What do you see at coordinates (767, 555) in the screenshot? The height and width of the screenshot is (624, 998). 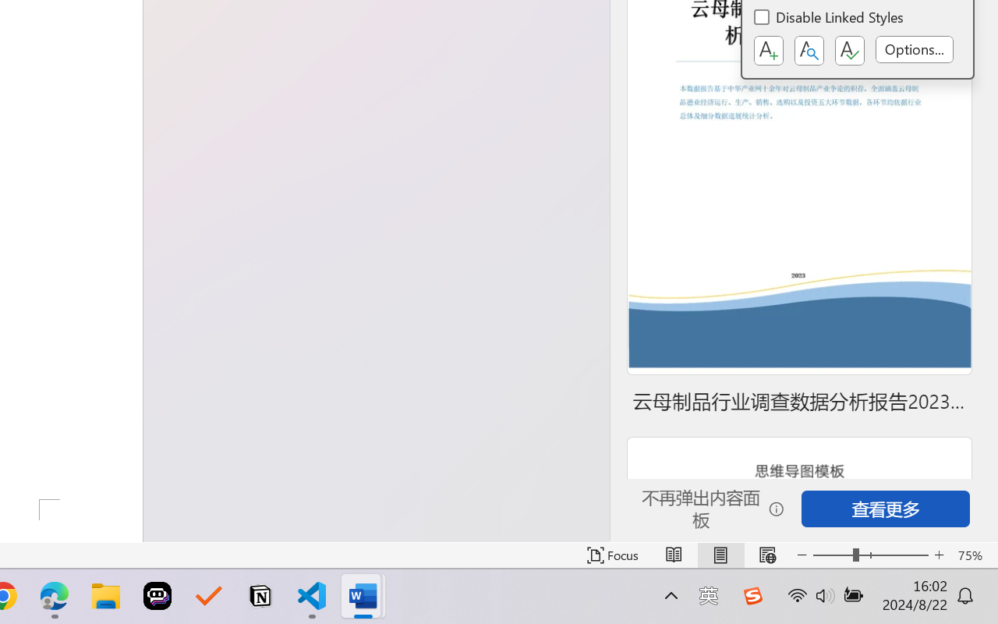 I see `'Web Layout'` at bounding box center [767, 555].